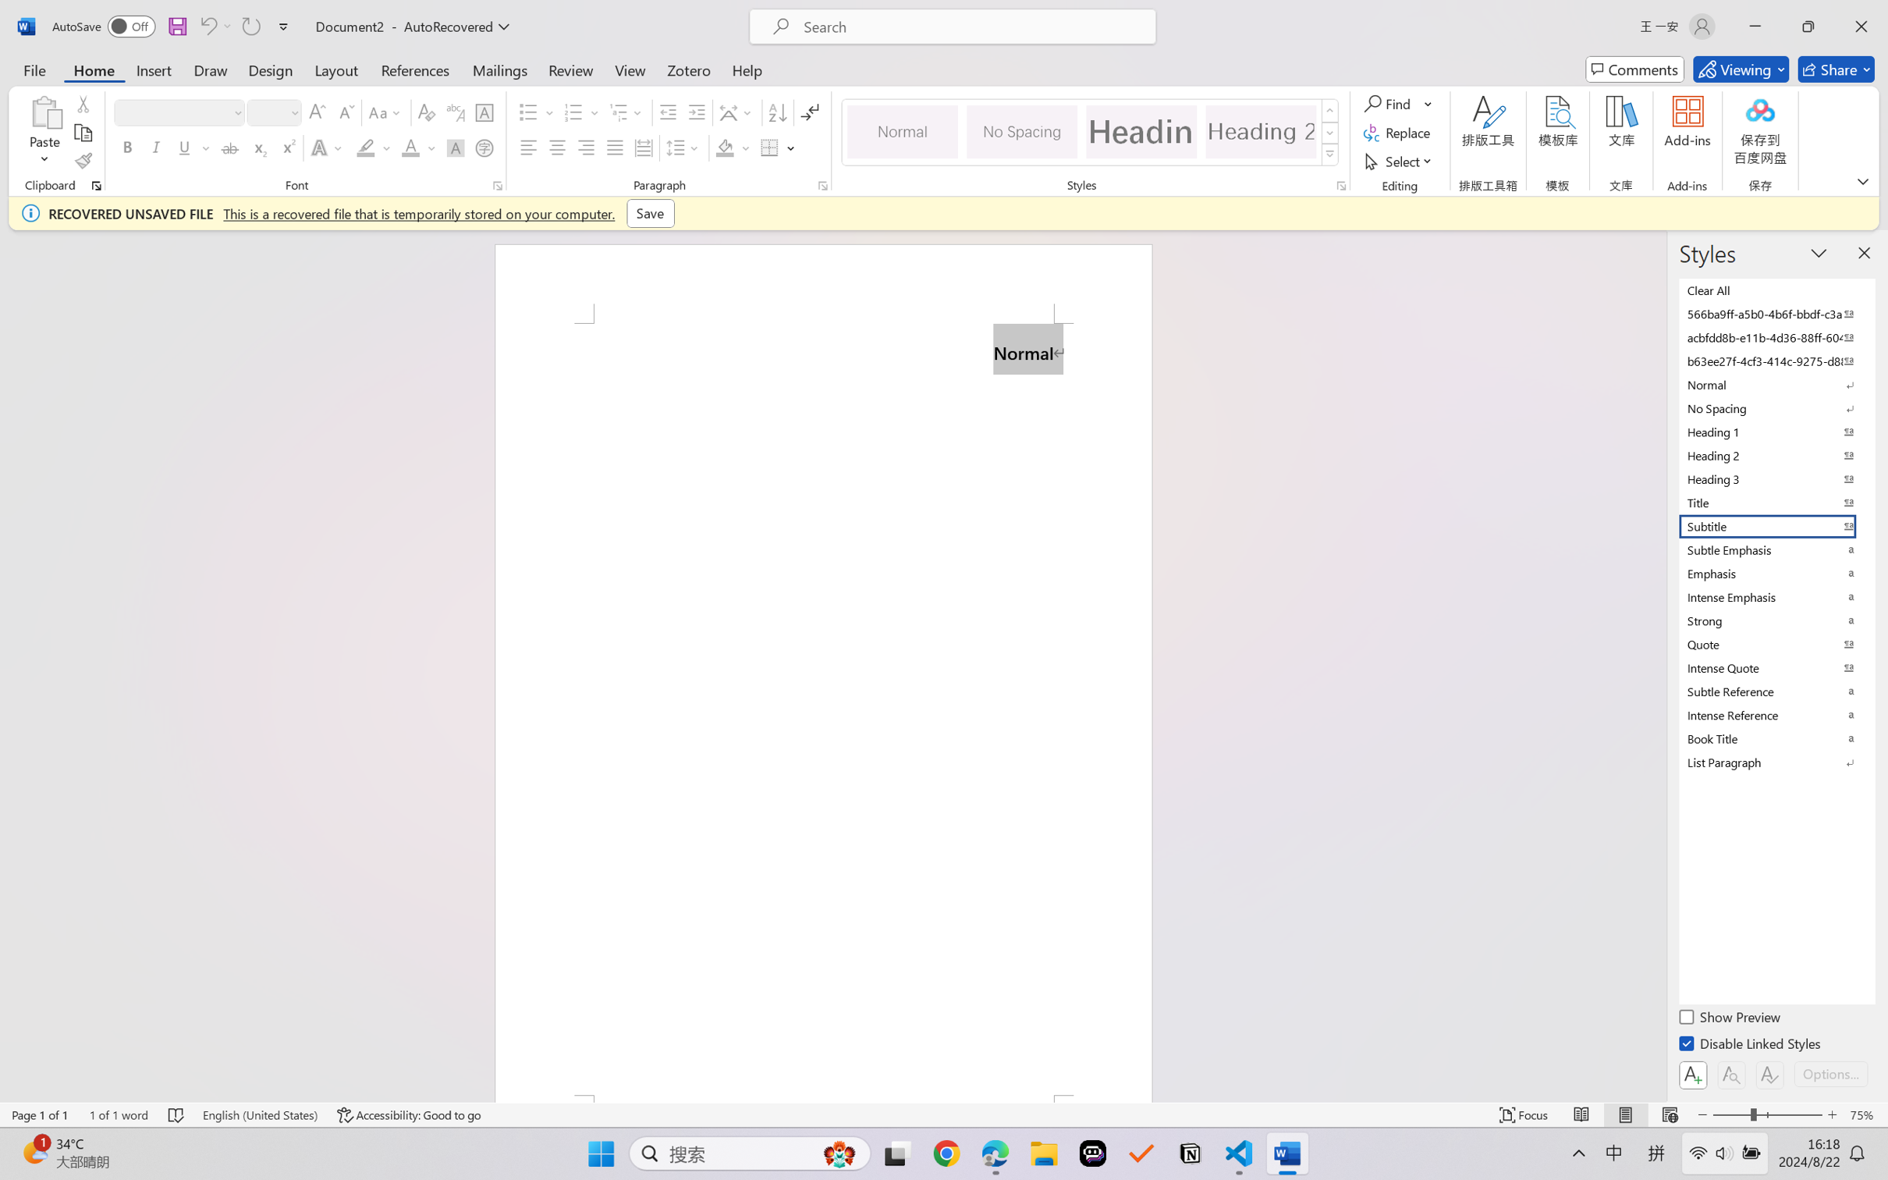 The width and height of the screenshot is (1888, 1180). What do you see at coordinates (1819, 251) in the screenshot?
I see `'Task Pane Options'` at bounding box center [1819, 251].